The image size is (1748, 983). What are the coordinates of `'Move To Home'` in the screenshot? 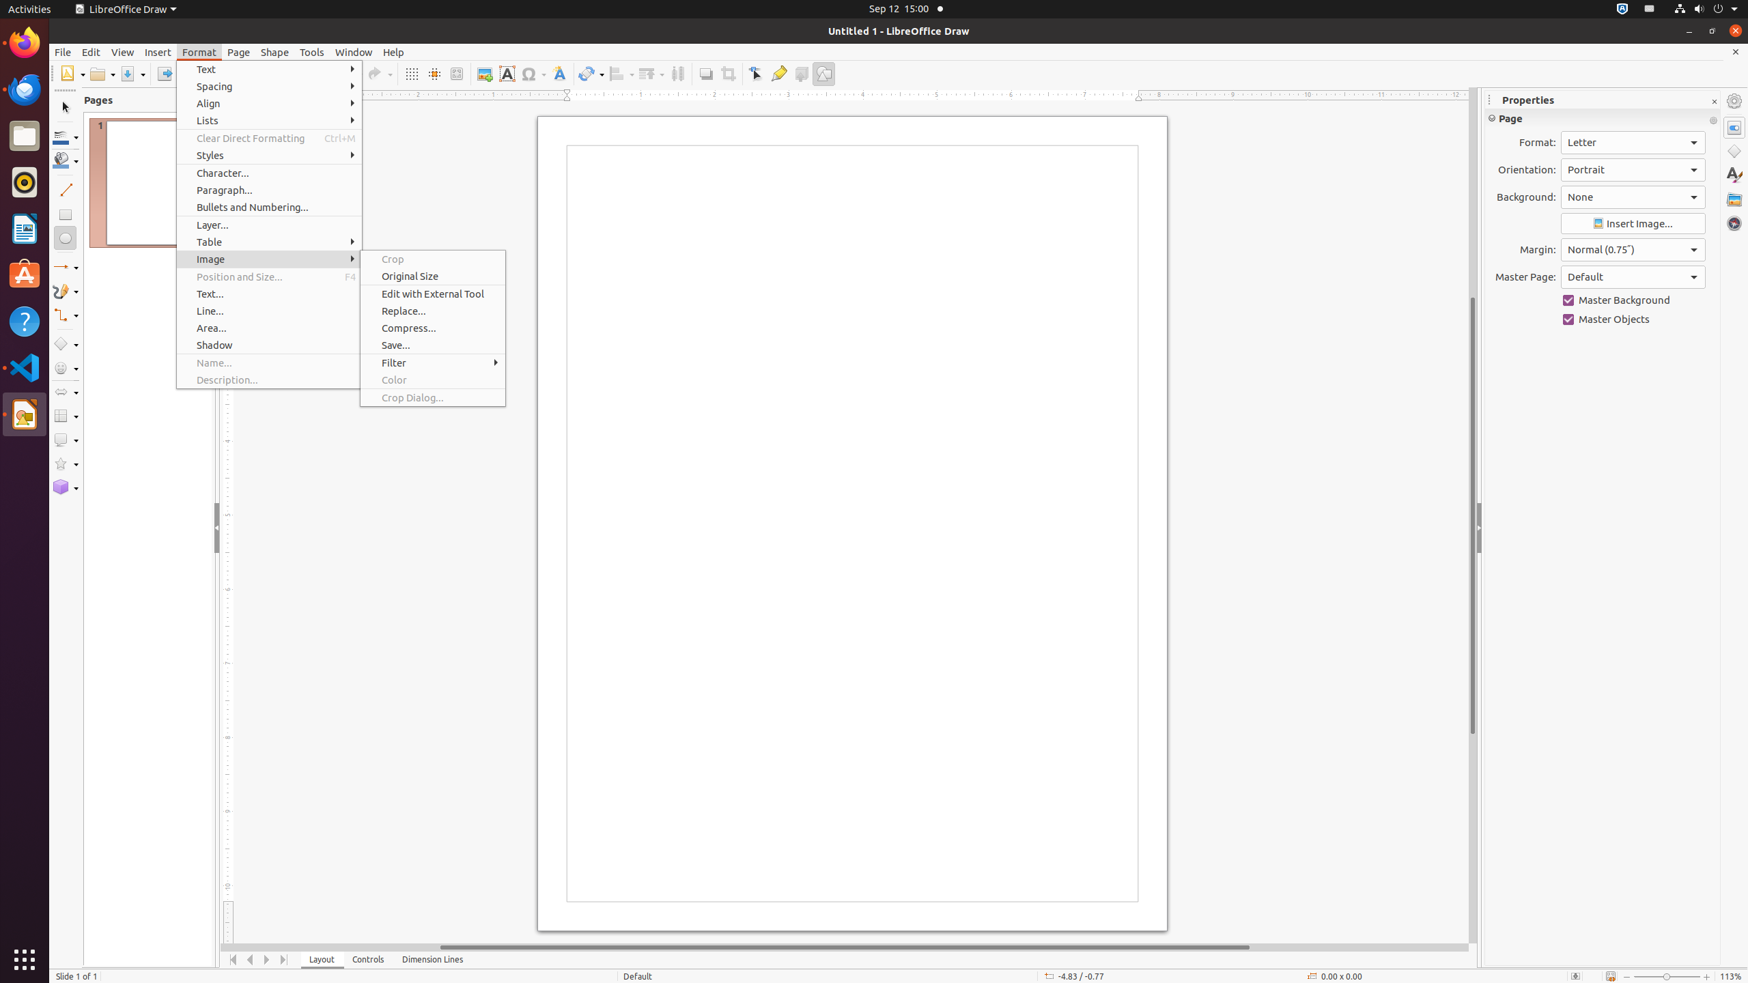 It's located at (233, 959).